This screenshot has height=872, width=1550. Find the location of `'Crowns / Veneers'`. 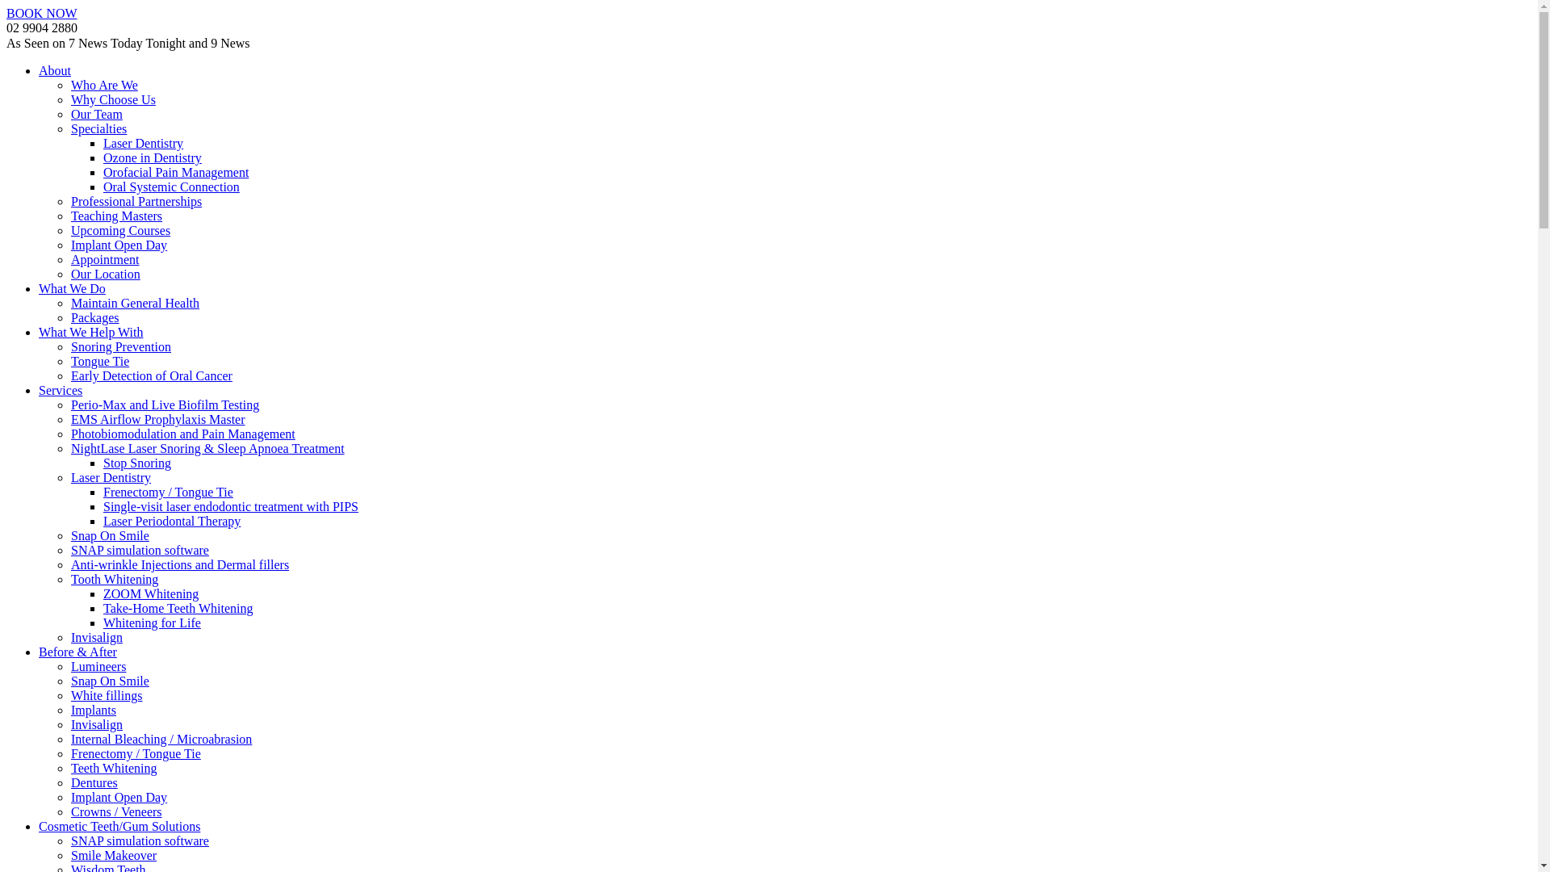

'Crowns / Veneers' is located at coordinates (115, 811).